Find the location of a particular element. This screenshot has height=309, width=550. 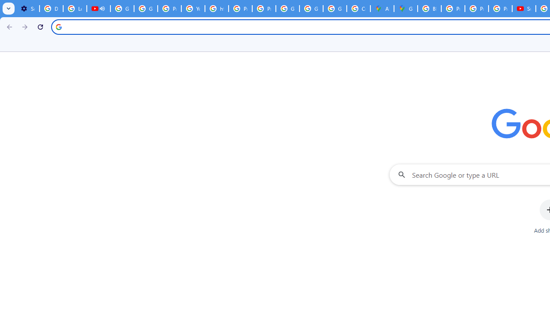

'Settings - Customize profile' is located at coordinates (27, 9).